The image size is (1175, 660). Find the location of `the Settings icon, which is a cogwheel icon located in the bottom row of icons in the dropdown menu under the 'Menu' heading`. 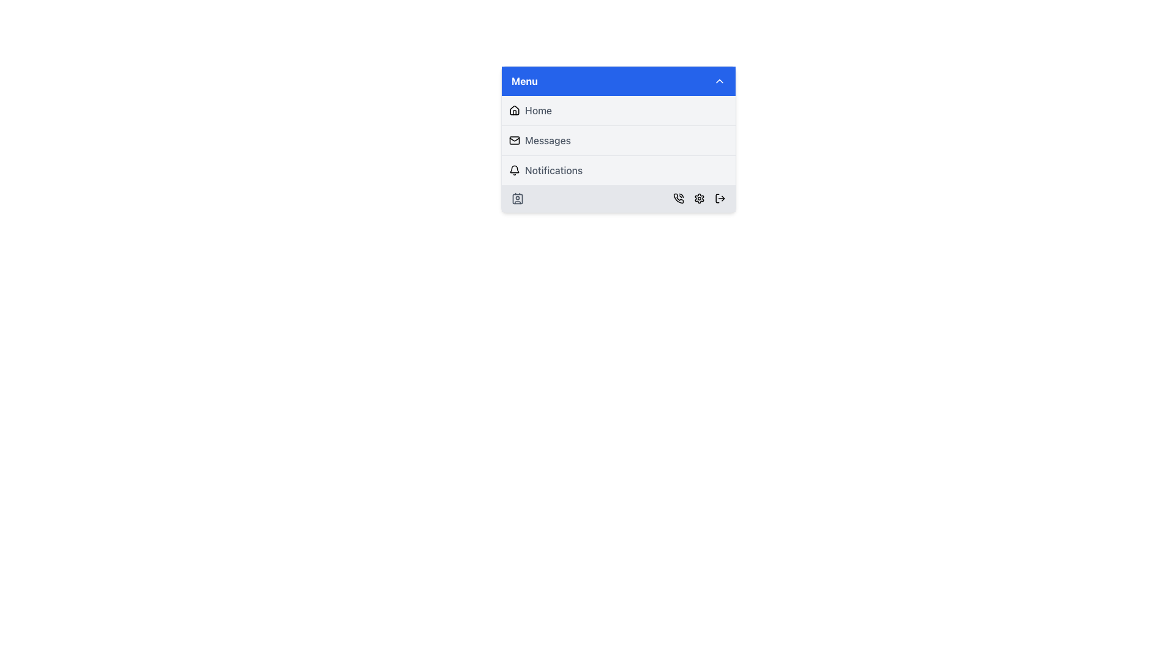

the Settings icon, which is a cogwheel icon located in the bottom row of icons in the dropdown menu under the 'Menu' heading is located at coordinates (699, 197).